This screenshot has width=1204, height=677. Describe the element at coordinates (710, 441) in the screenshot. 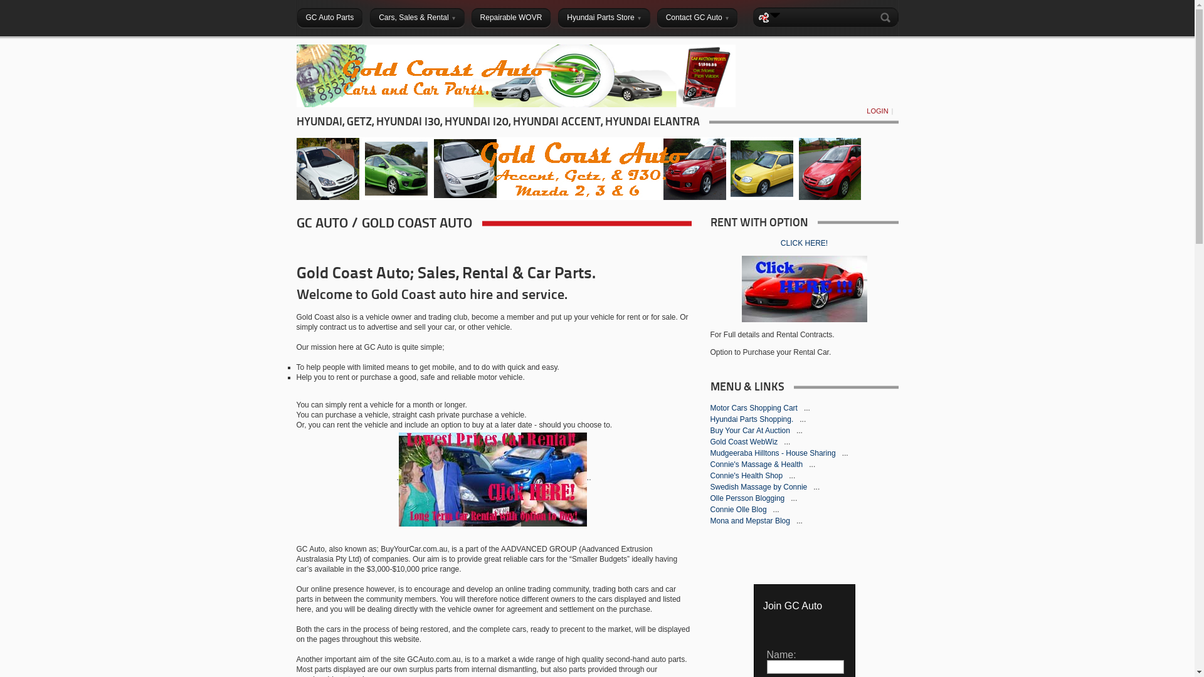

I see `'Gold Coast WebWiz'` at that location.